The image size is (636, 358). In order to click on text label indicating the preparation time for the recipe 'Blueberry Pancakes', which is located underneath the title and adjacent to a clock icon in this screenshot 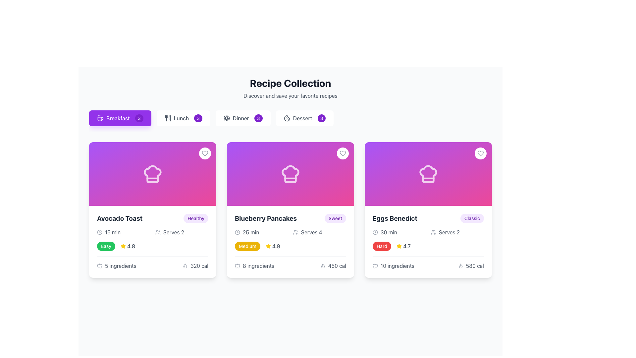, I will do `click(250, 232)`.